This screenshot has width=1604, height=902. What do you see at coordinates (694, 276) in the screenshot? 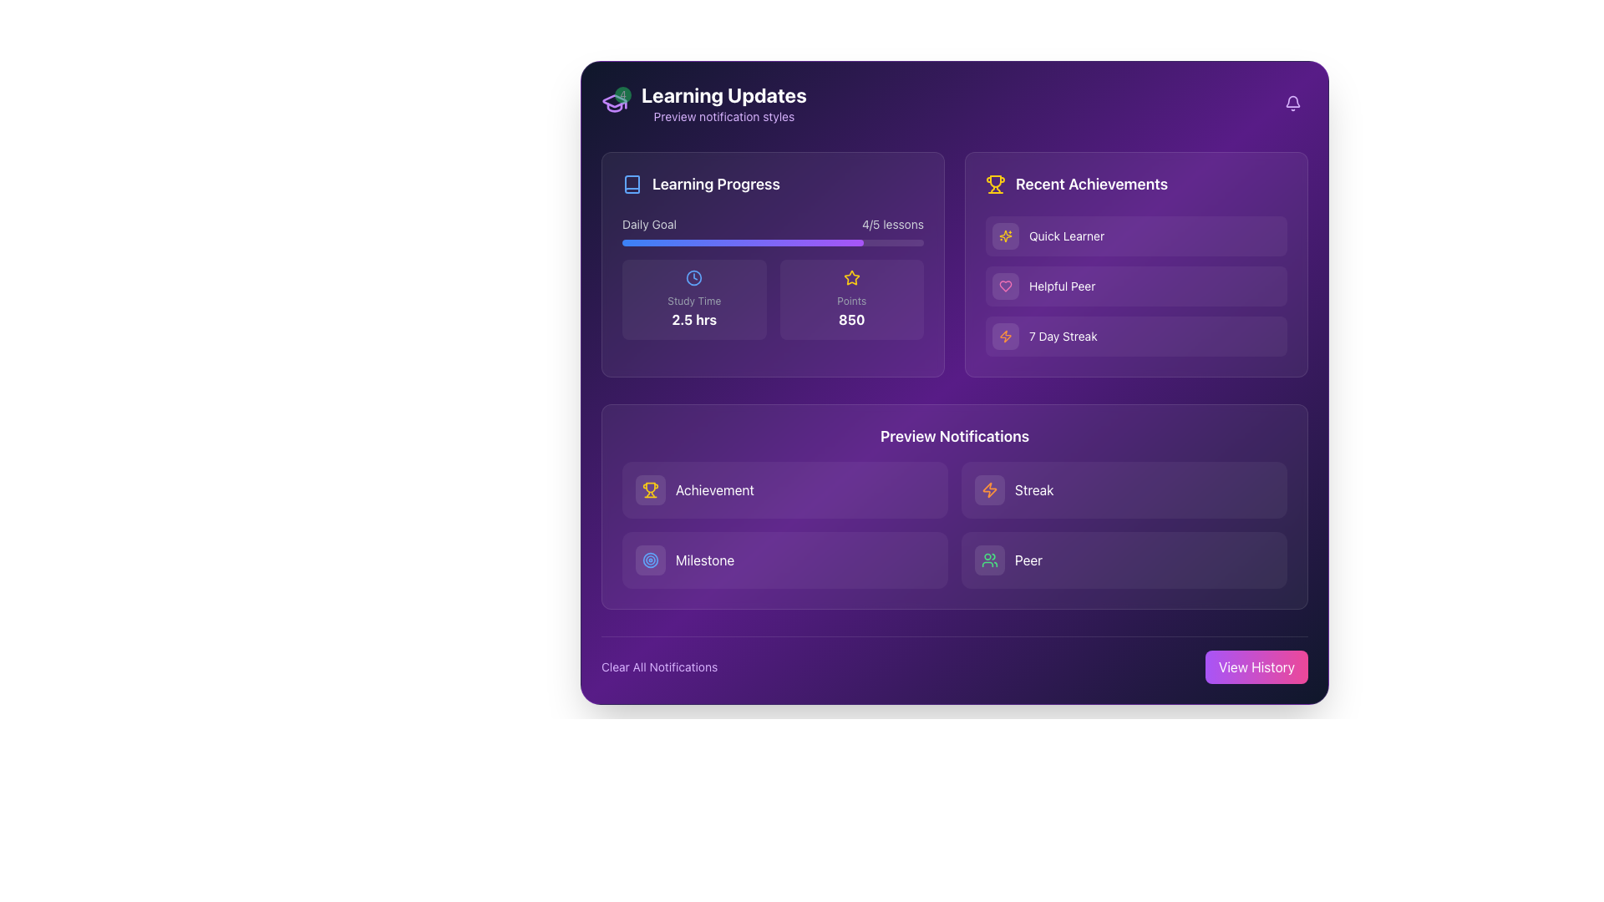
I see `the small circular clock icon with a blue outline located in the 'Daily Goal' section of the 'Learning Updates' interface, next to the 'Study Time' text` at bounding box center [694, 276].